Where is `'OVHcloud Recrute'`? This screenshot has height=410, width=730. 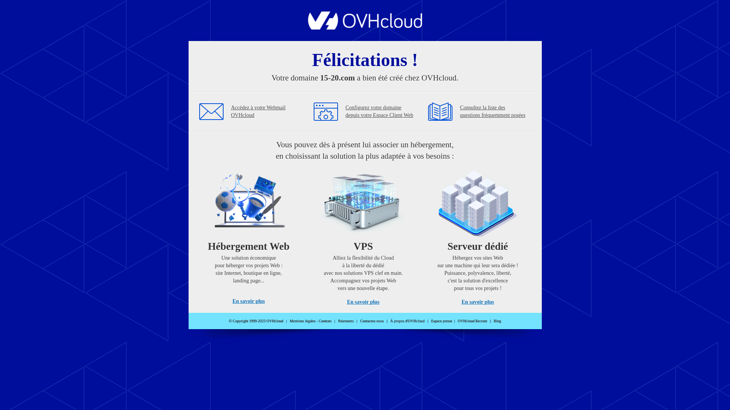 'OVHcloud Recrute' is located at coordinates (472, 321).